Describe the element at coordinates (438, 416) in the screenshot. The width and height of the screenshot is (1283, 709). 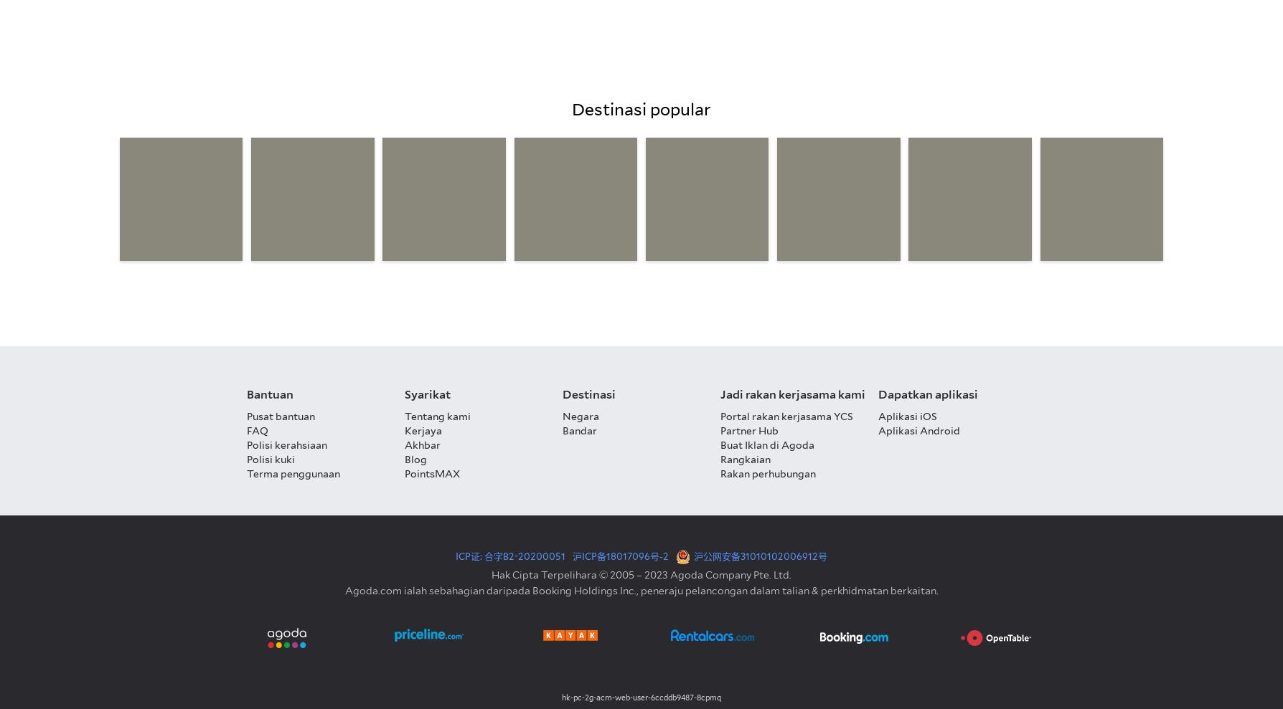
I see `'Tentang kami'` at that location.